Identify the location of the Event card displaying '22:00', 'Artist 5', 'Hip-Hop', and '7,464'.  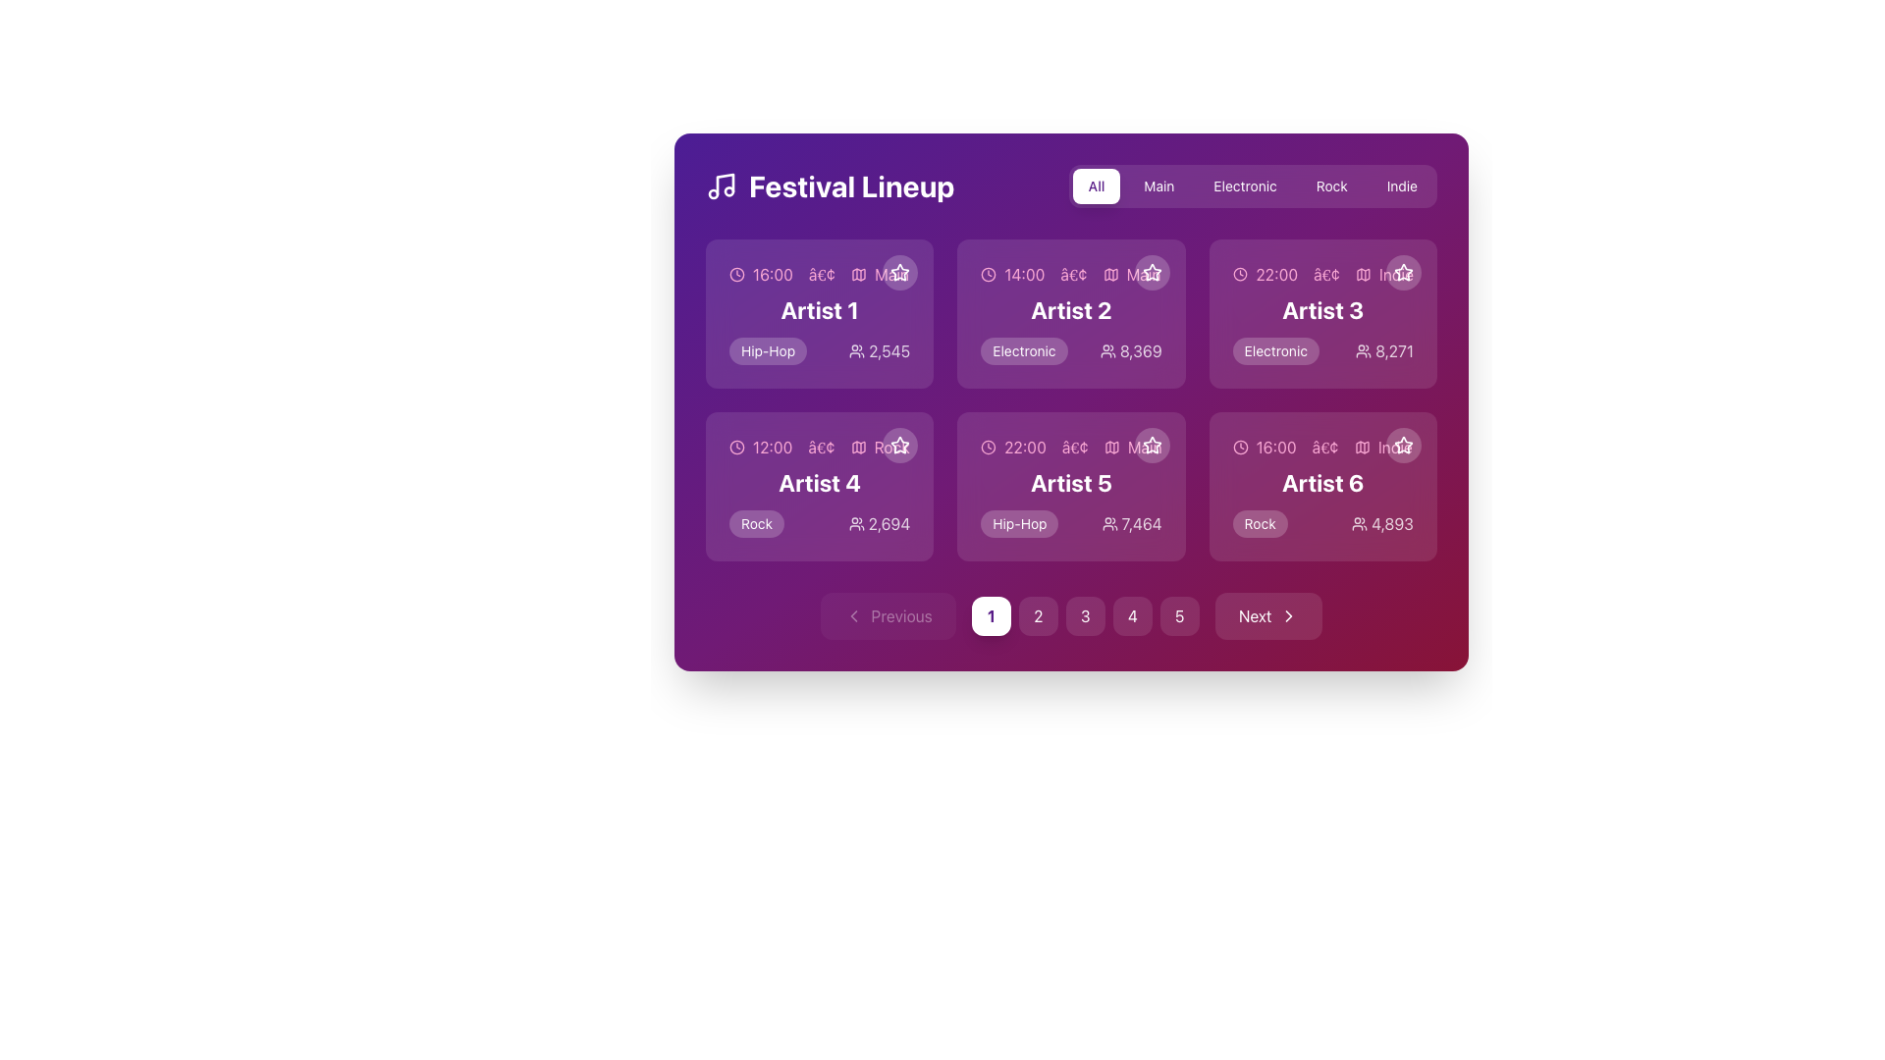
(1070, 486).